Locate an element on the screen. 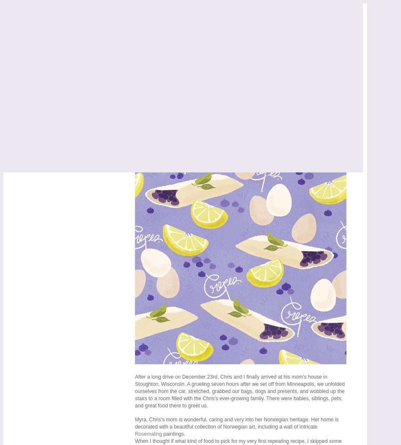 This screenshot has width=401, height=445. 'paintings.' is located at coordinates (161, 433).